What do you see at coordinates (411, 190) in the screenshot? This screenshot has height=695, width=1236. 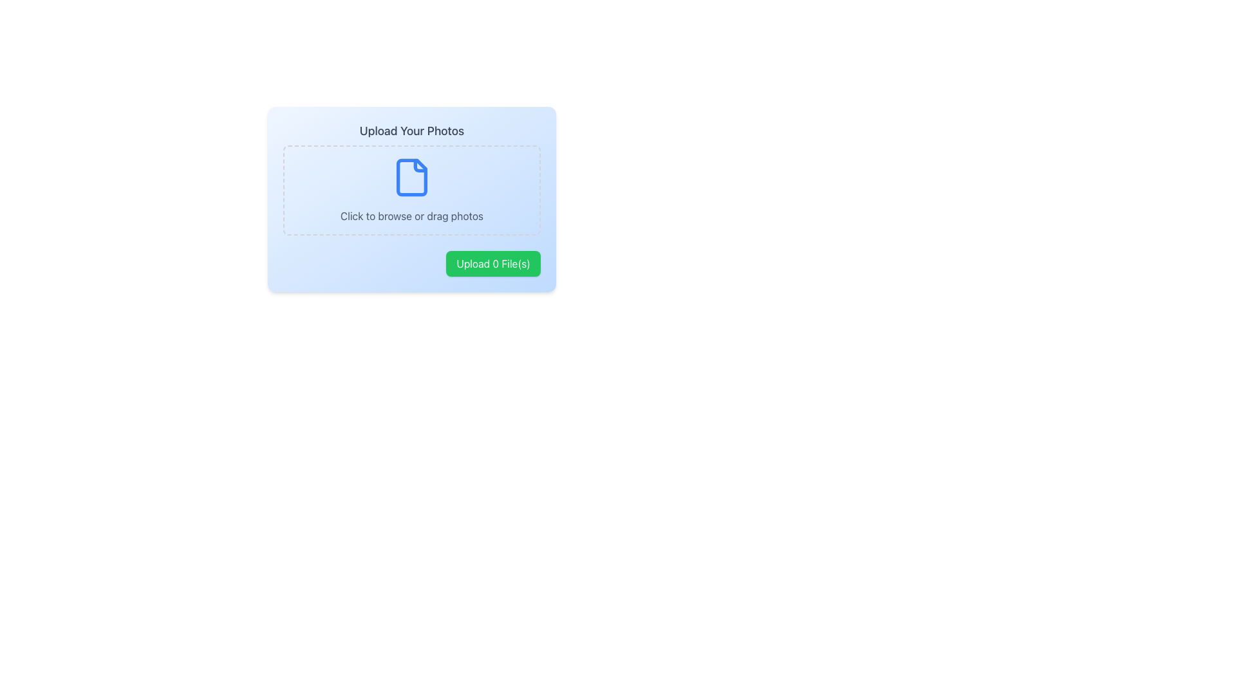 I see `the instructional text element with a file icon, which features a blue outline and the text 'Click to browse or drag photos'` at bounding box center [411, 190].